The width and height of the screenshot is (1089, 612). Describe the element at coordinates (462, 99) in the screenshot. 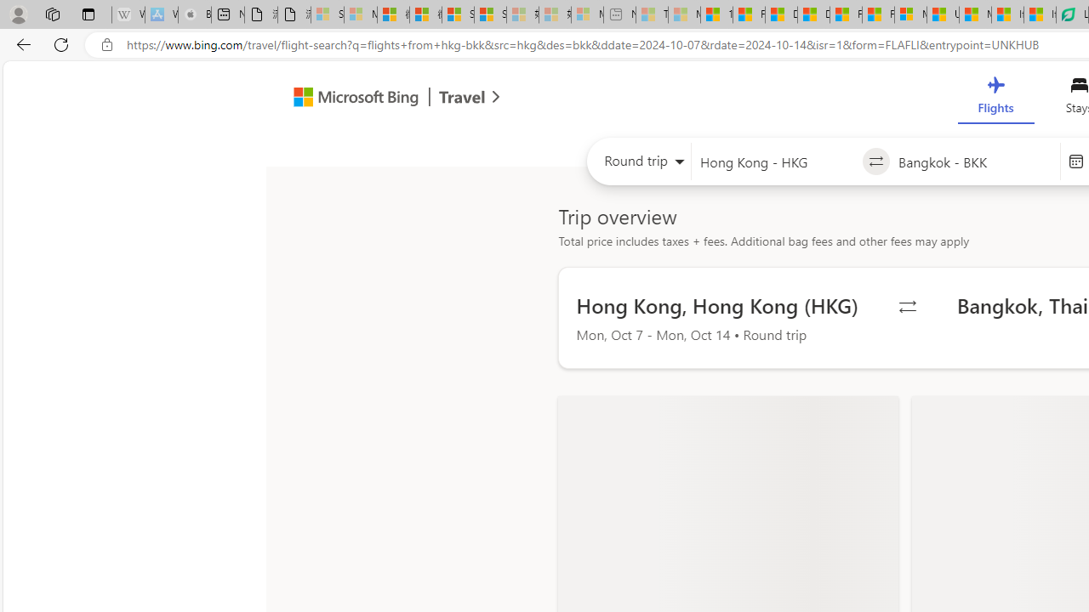

I see `'Travel'` at that location.